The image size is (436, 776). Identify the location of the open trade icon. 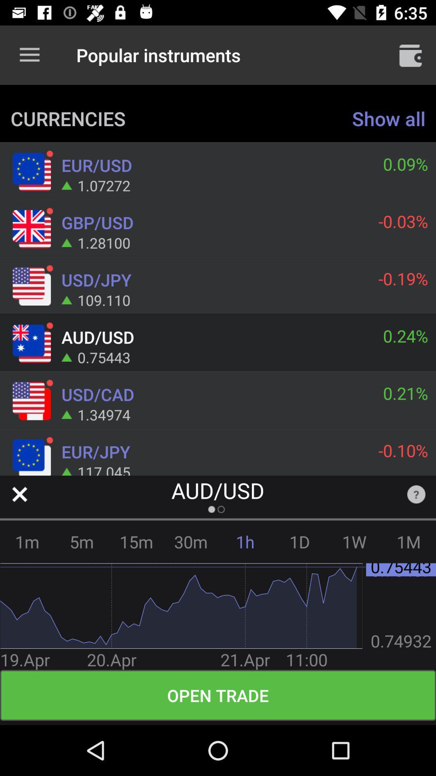
(218, 695).